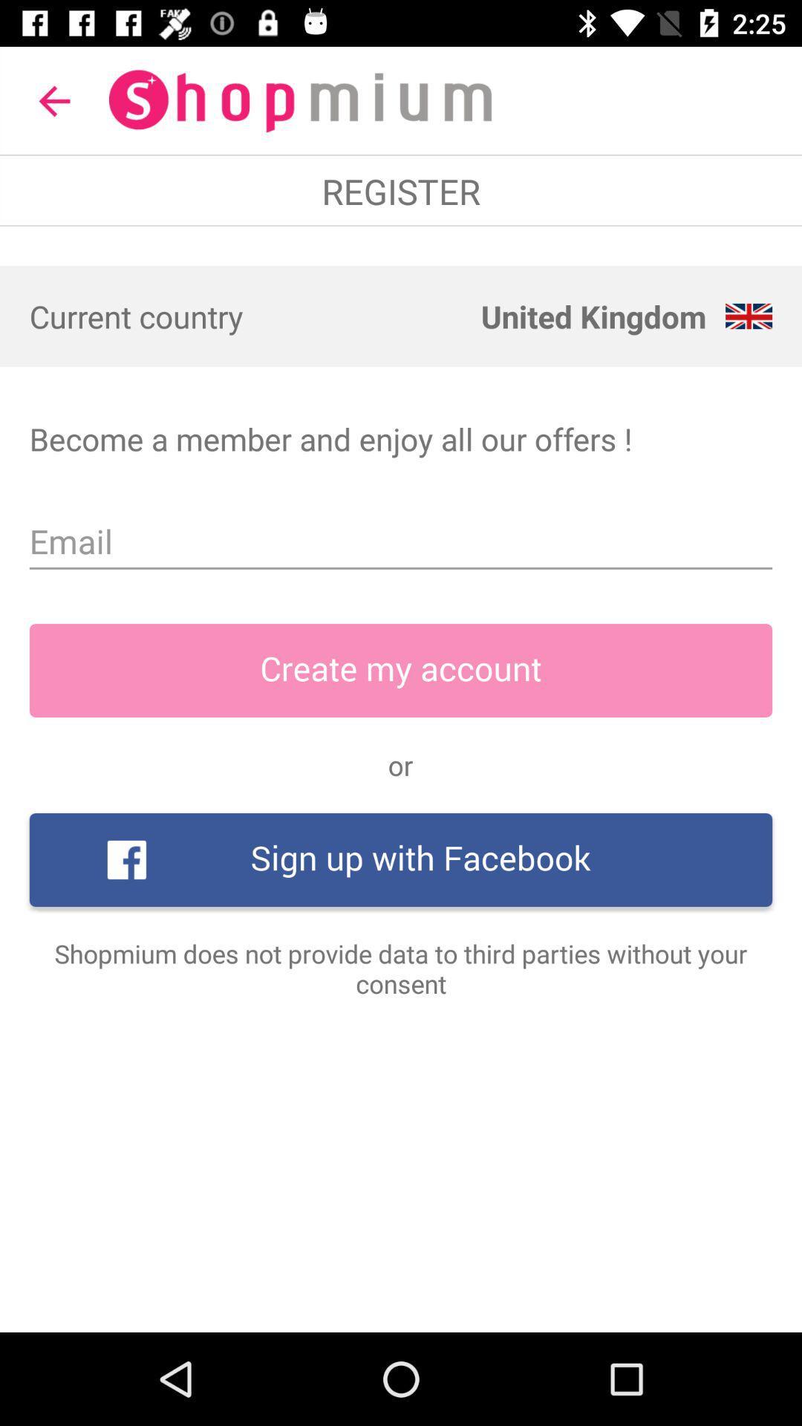  What do you see at coordinates (401, 669) in the screenshot?
I see `create my account icon` at bounding box center [401, 669].